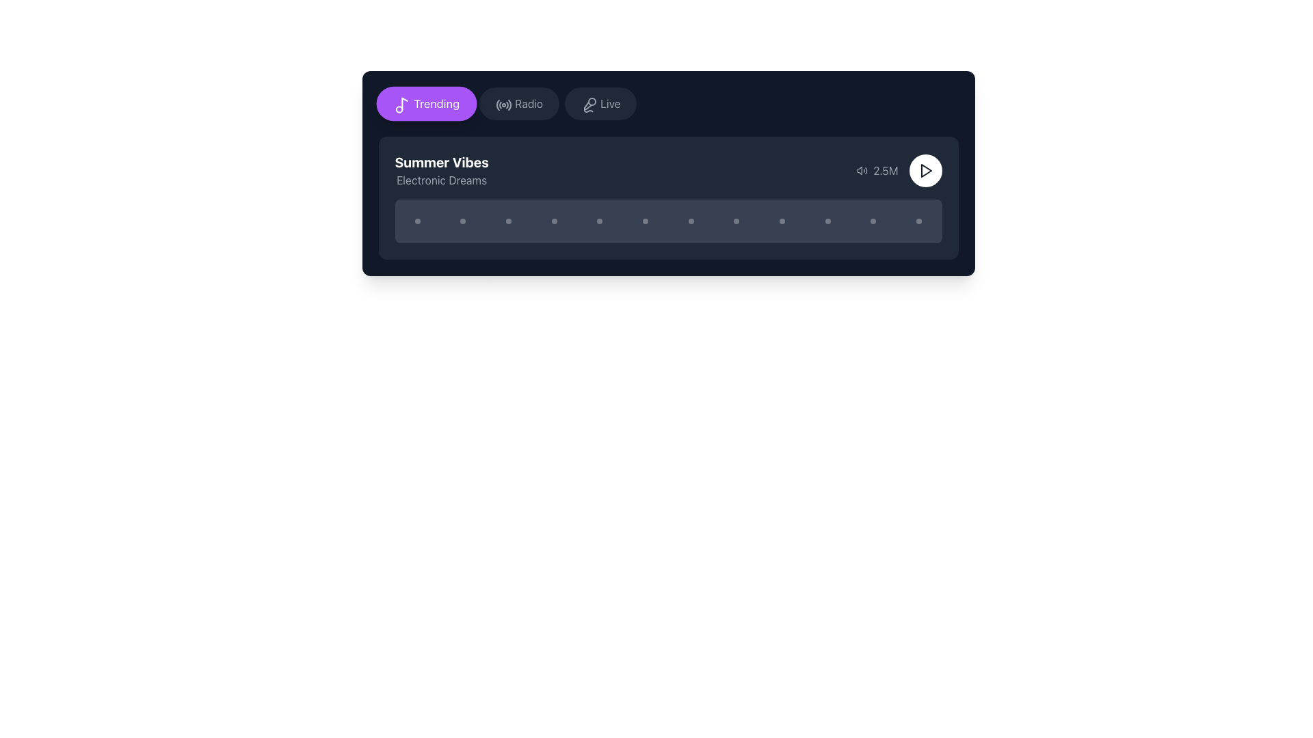  What do you see at coordinates (503, 105) in the screenshot?
I see `the circular icon styled as a radio signal in the navigation bar` at bounding box center [503, 105].